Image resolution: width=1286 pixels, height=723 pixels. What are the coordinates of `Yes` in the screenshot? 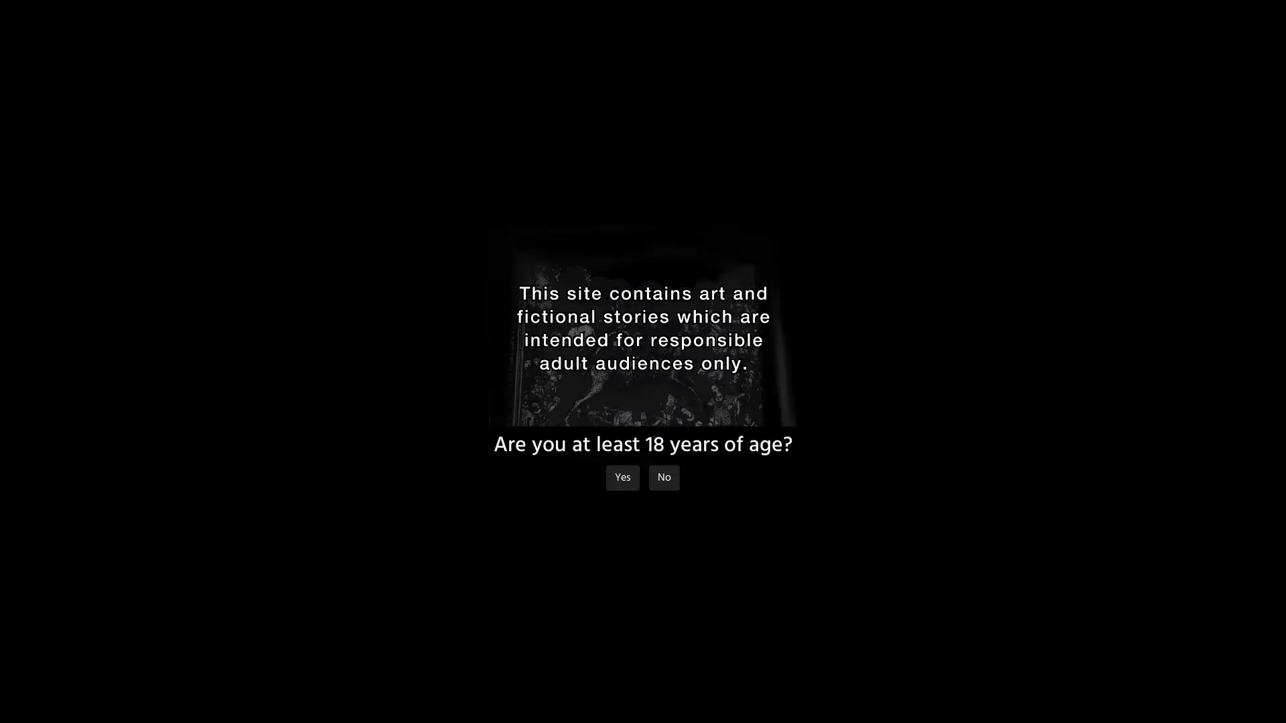 It's located at (622, 477).